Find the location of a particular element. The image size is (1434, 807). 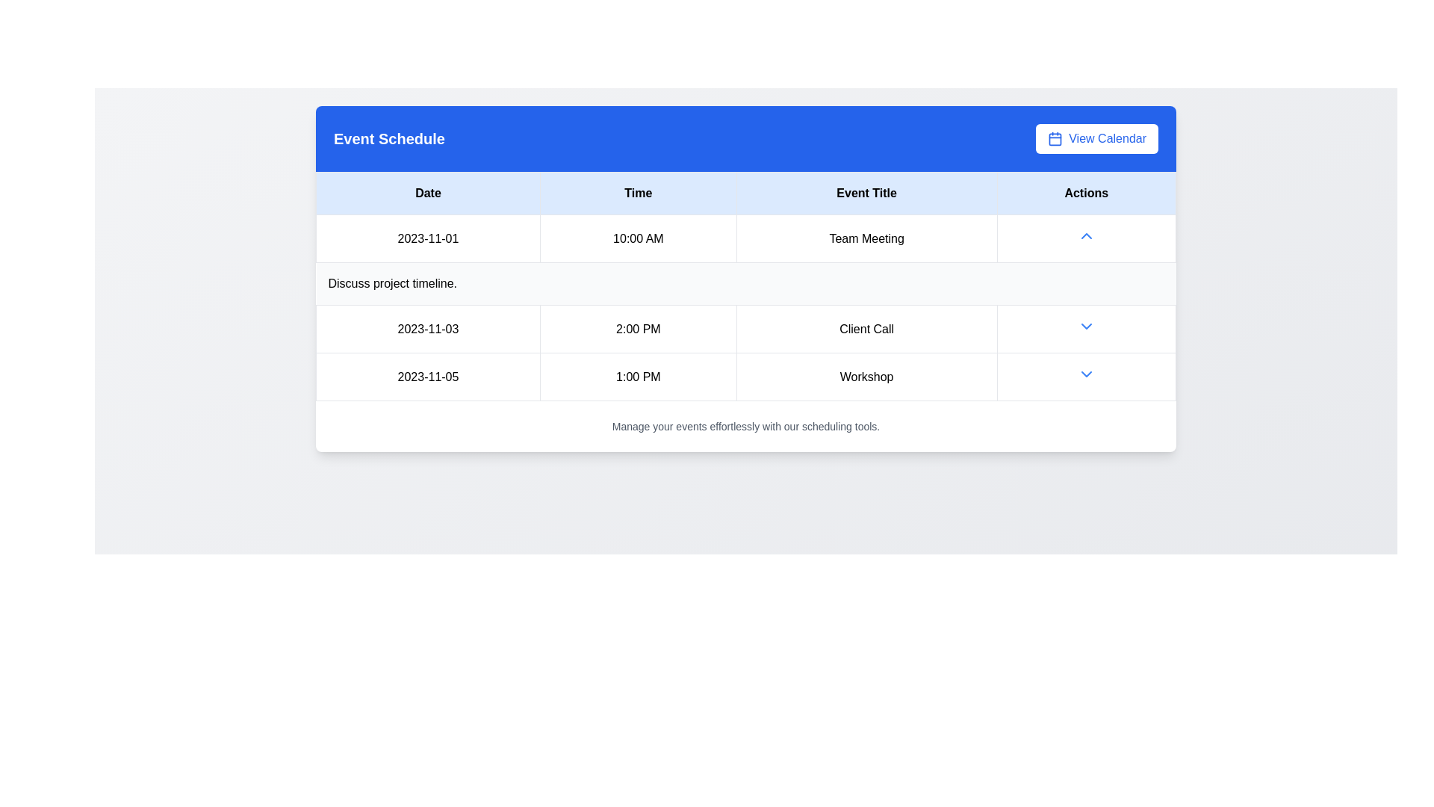

the static label displaying 'Workshop' in the event schedule table, positioned under the 'Event Title' header and next to '1:00 PM' is located at coordinates (866, 376).